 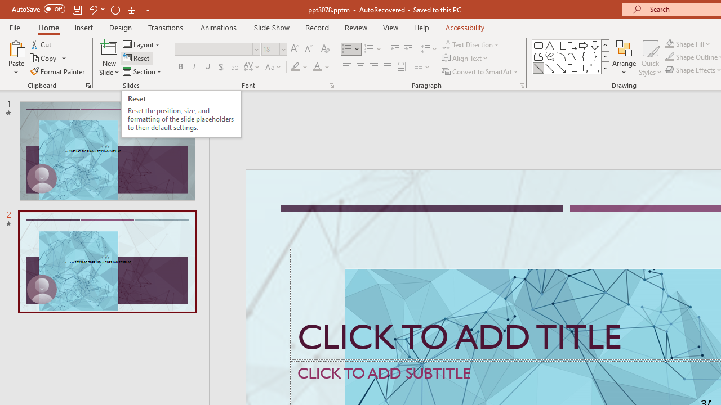 I want to click on 'Line Arrow', so click(x=550, y=67).